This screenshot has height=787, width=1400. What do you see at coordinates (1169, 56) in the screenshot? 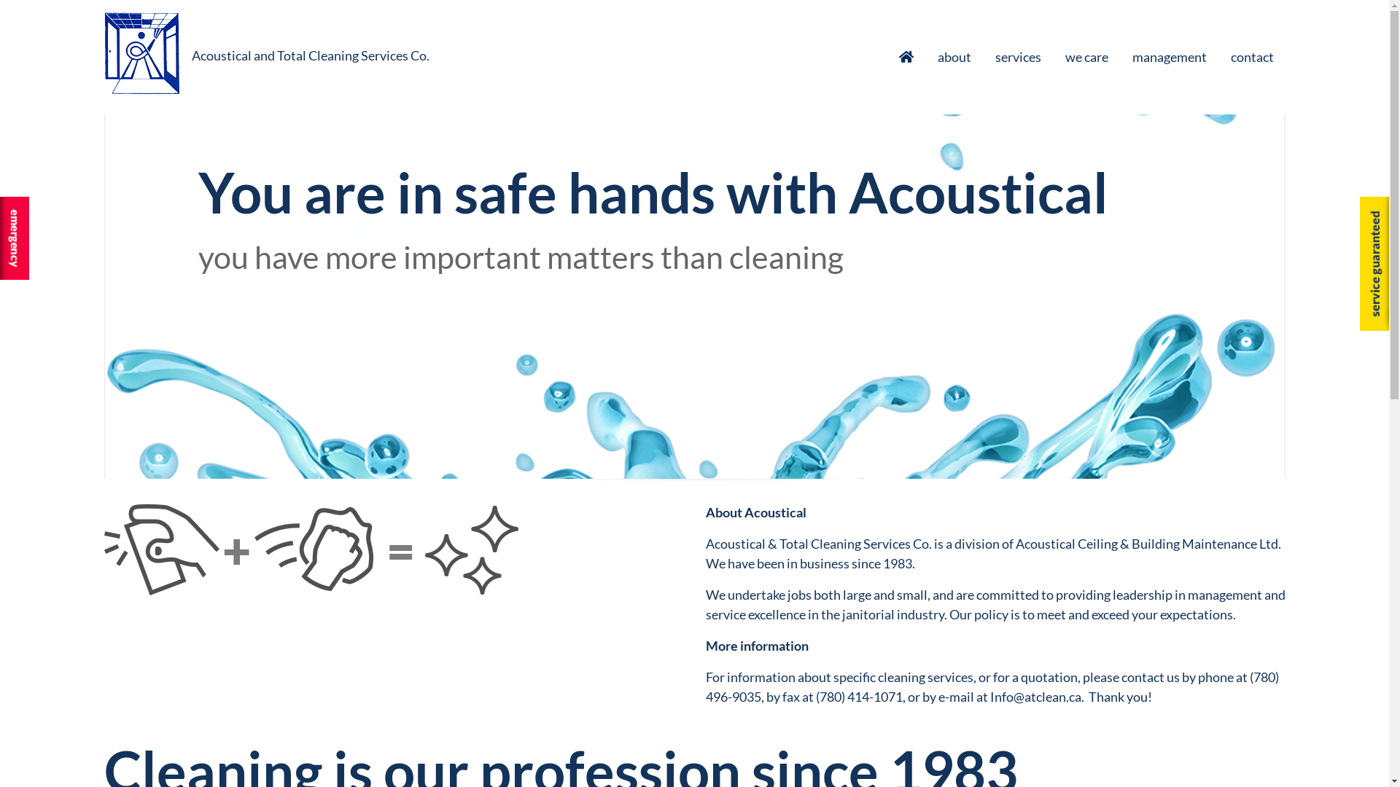
I see `'management'` at bounding box center [1169, 56].